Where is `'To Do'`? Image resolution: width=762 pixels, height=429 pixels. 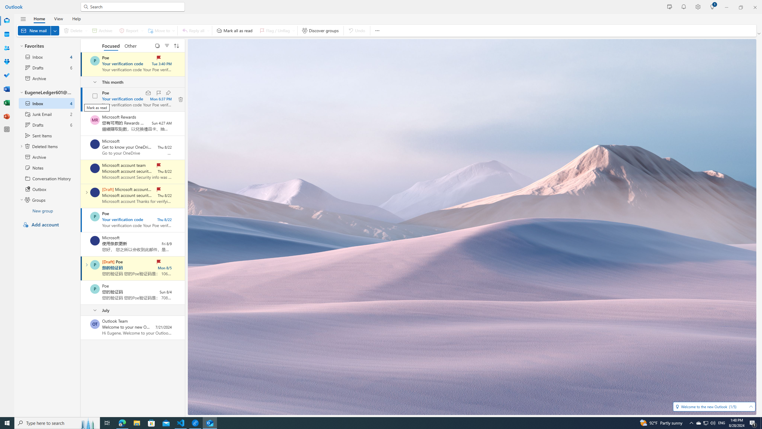 'To Do' is located at coordinates (7, 75).